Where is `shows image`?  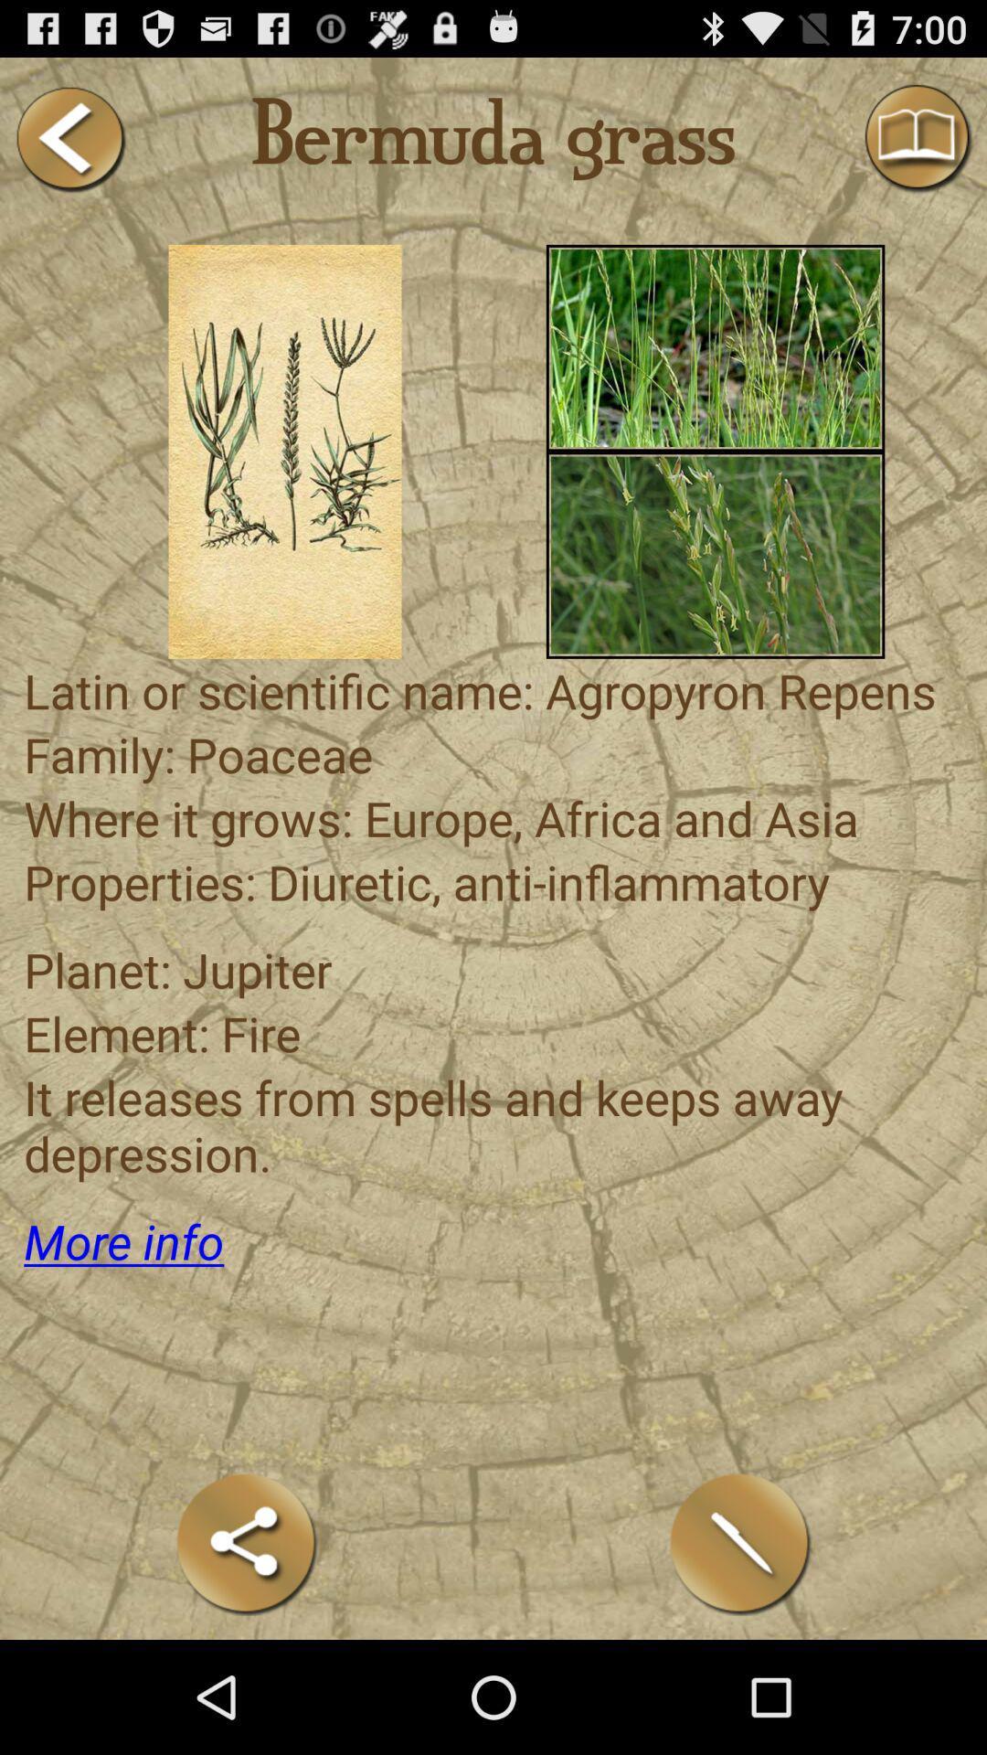
shows image is located at coordinates (285, 452).